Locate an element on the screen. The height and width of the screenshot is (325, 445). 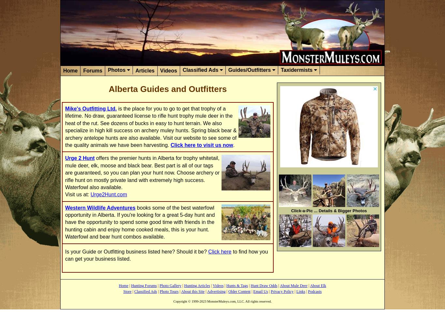
'Hunting Articles' is located at coordinates (196, 286).